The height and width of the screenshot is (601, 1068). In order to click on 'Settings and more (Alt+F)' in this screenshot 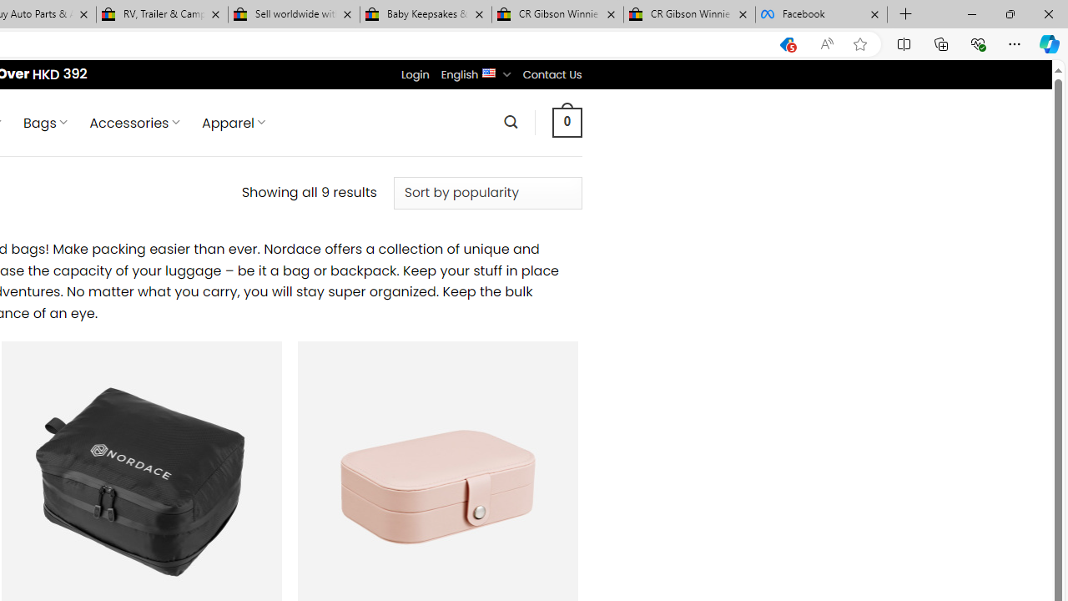, I will do `click(1014, 43)`.